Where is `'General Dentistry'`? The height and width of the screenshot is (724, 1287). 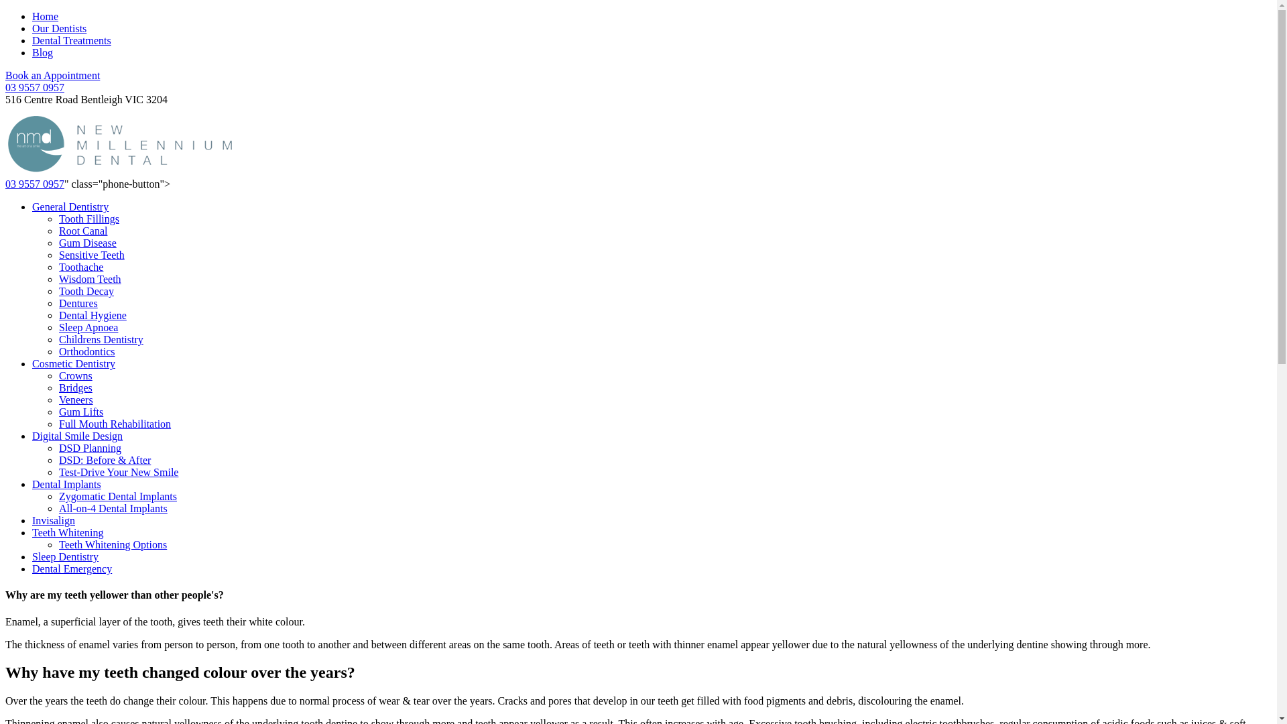
'General Dentistry' is located at coordinates (70, 206).